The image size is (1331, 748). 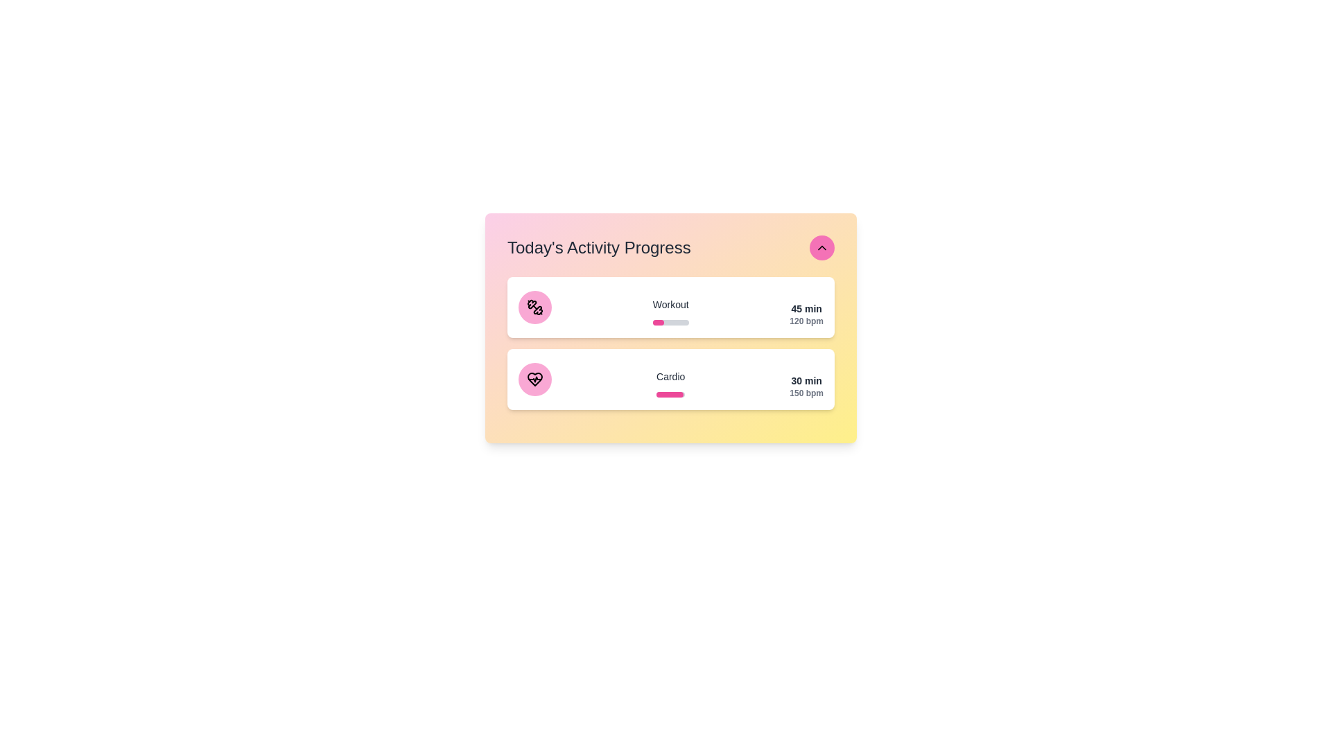 I want to click on the text label indicating the duration of 45 minutes for the workout activity, which is located at the top-right corner of the light gray 'Workout' card, so click(x=806, y=308).